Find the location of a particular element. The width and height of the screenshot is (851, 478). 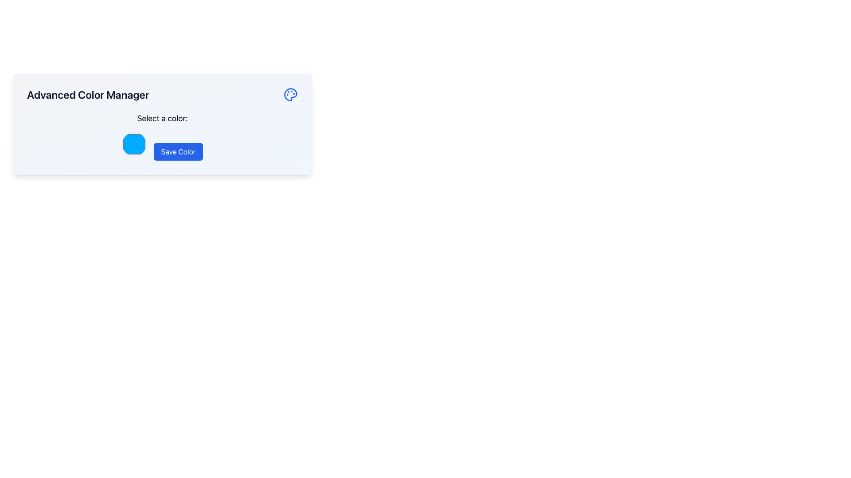

the painter's palette icon located at the far right side of the header, which is circular in shape and contains several small dots representing paint colors is located at coordinates (291, 94).